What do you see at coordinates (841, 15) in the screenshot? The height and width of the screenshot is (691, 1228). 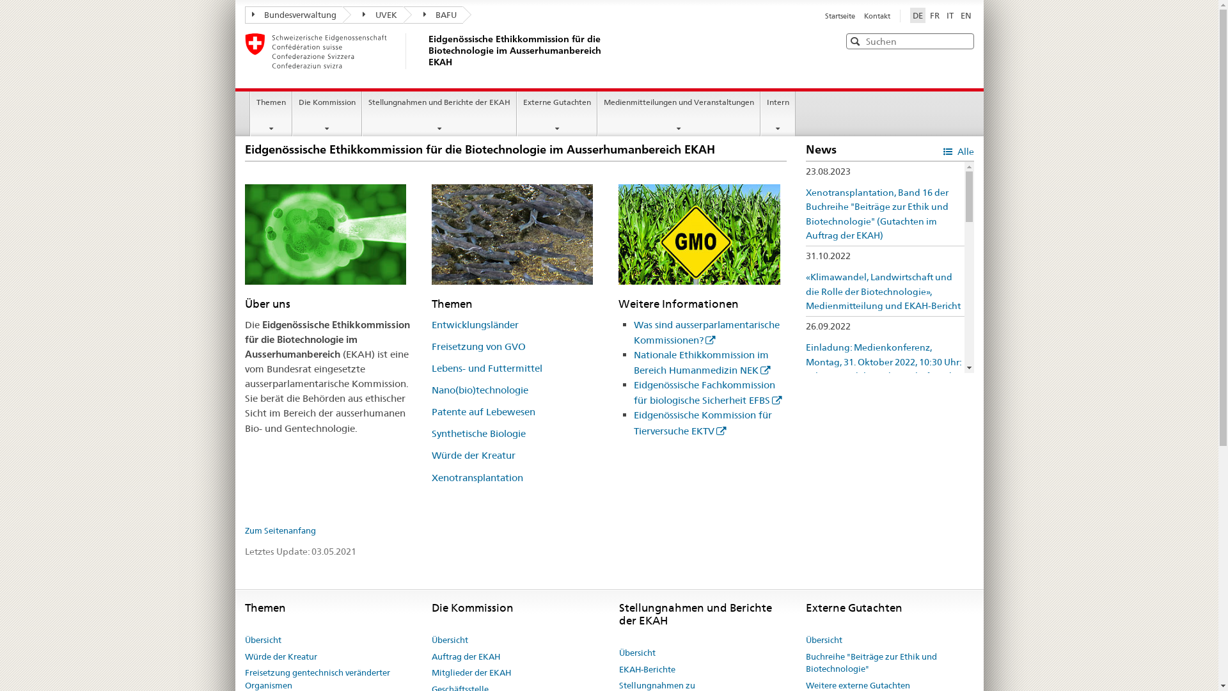 I see `'Startseite'` at bounding box center [841, 15].